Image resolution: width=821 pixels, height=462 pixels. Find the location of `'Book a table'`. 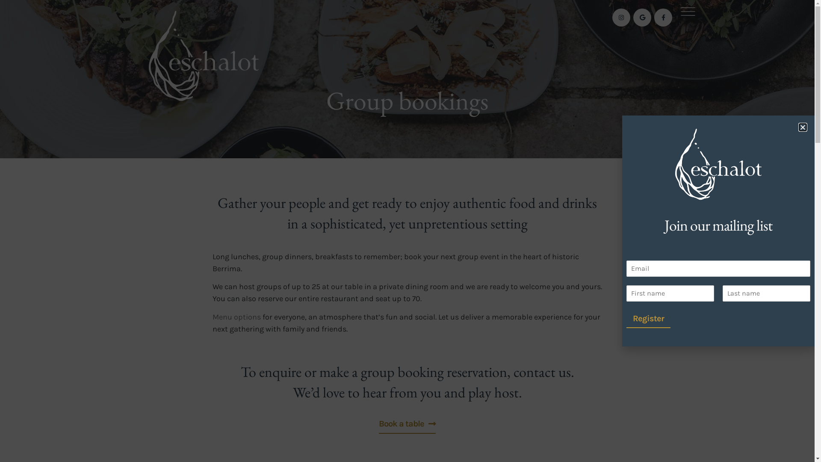

'Book a table' is located at coordinates (378, 422).